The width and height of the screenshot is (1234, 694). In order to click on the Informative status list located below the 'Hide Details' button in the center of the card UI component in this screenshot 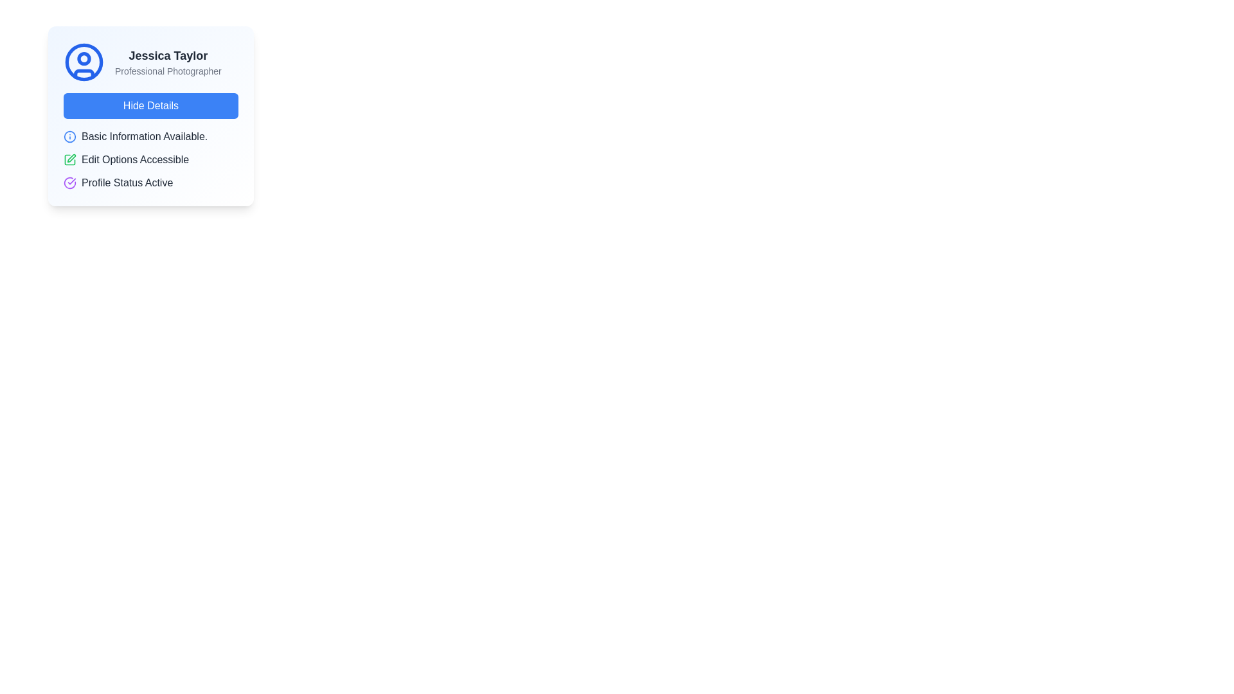, I will do `click(151, 159)`.